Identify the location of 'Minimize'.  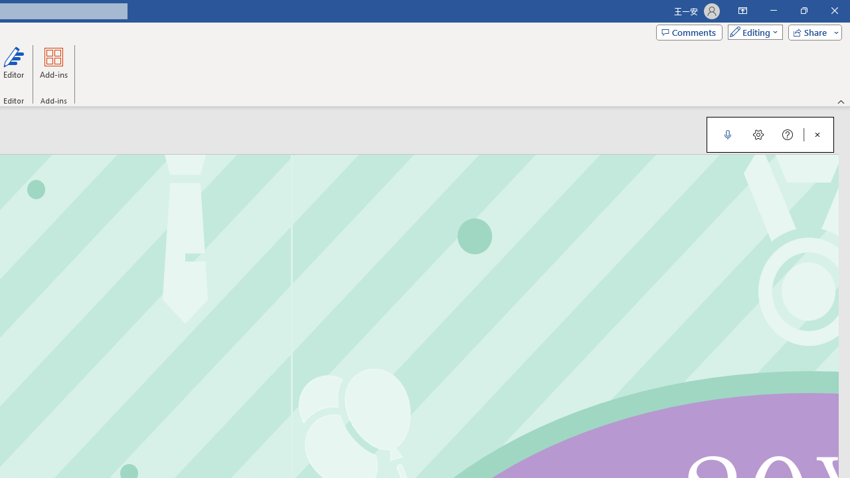
(773, 11).